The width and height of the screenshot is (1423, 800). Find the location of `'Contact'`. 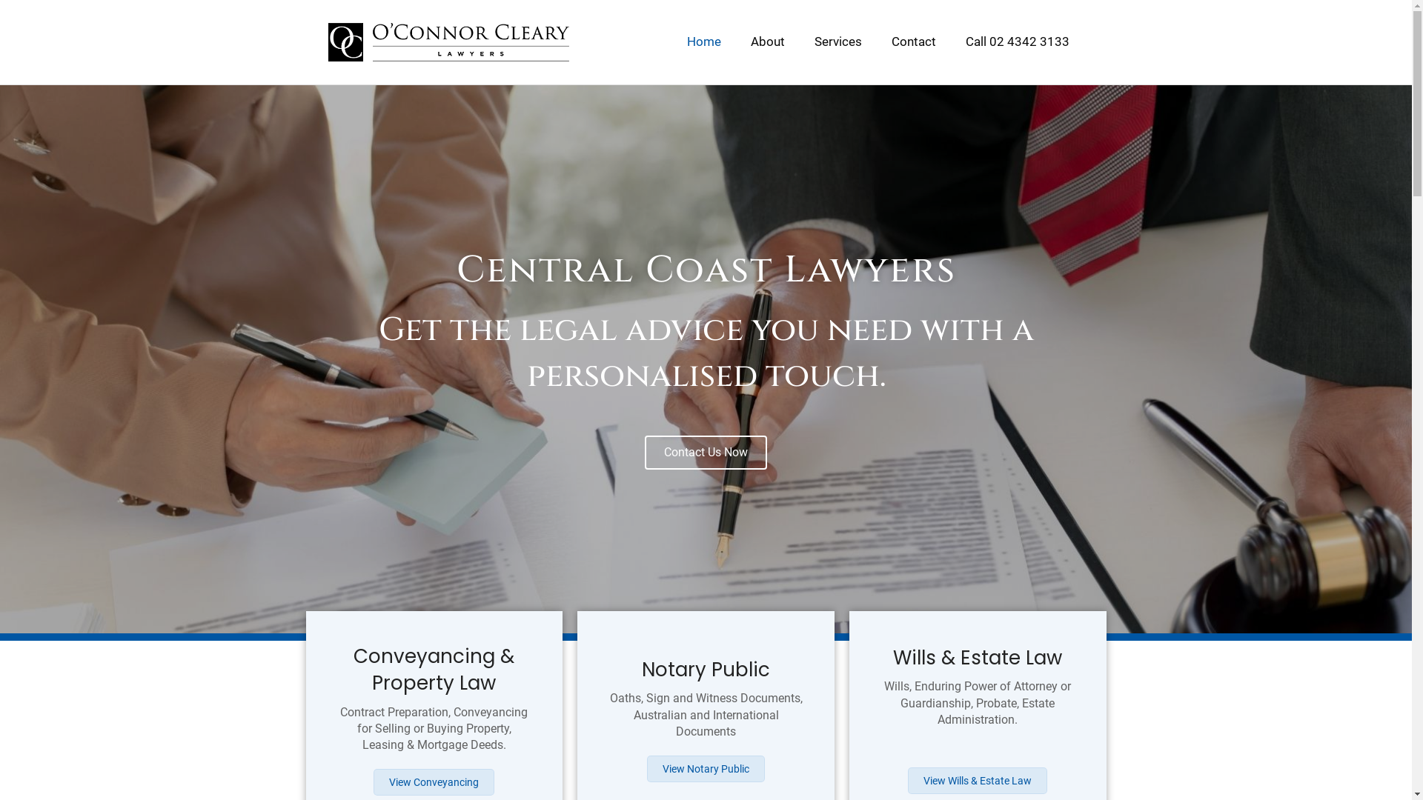

'Contact' is located at coordinates (912, 41).